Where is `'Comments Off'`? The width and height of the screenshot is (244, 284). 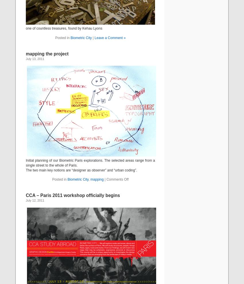 'Comments Off' is located at coordinates (117, 179).